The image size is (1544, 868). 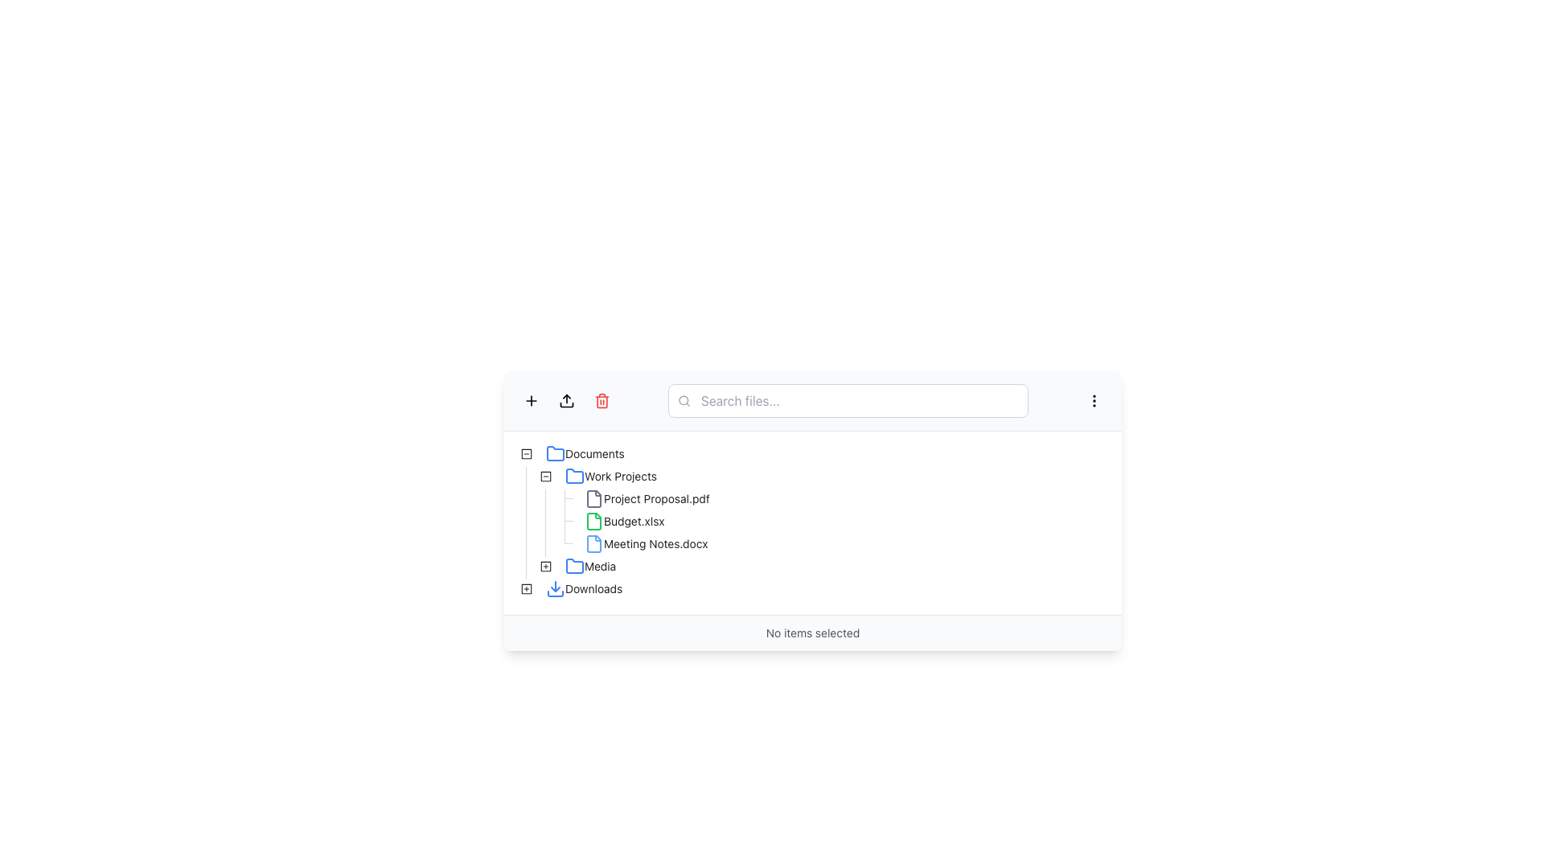 I want to click on the 'Downloads' folder icon located at the leftmost side of the folder node in the file tree to focus or select the associated folder, so click(x=556, y=588).